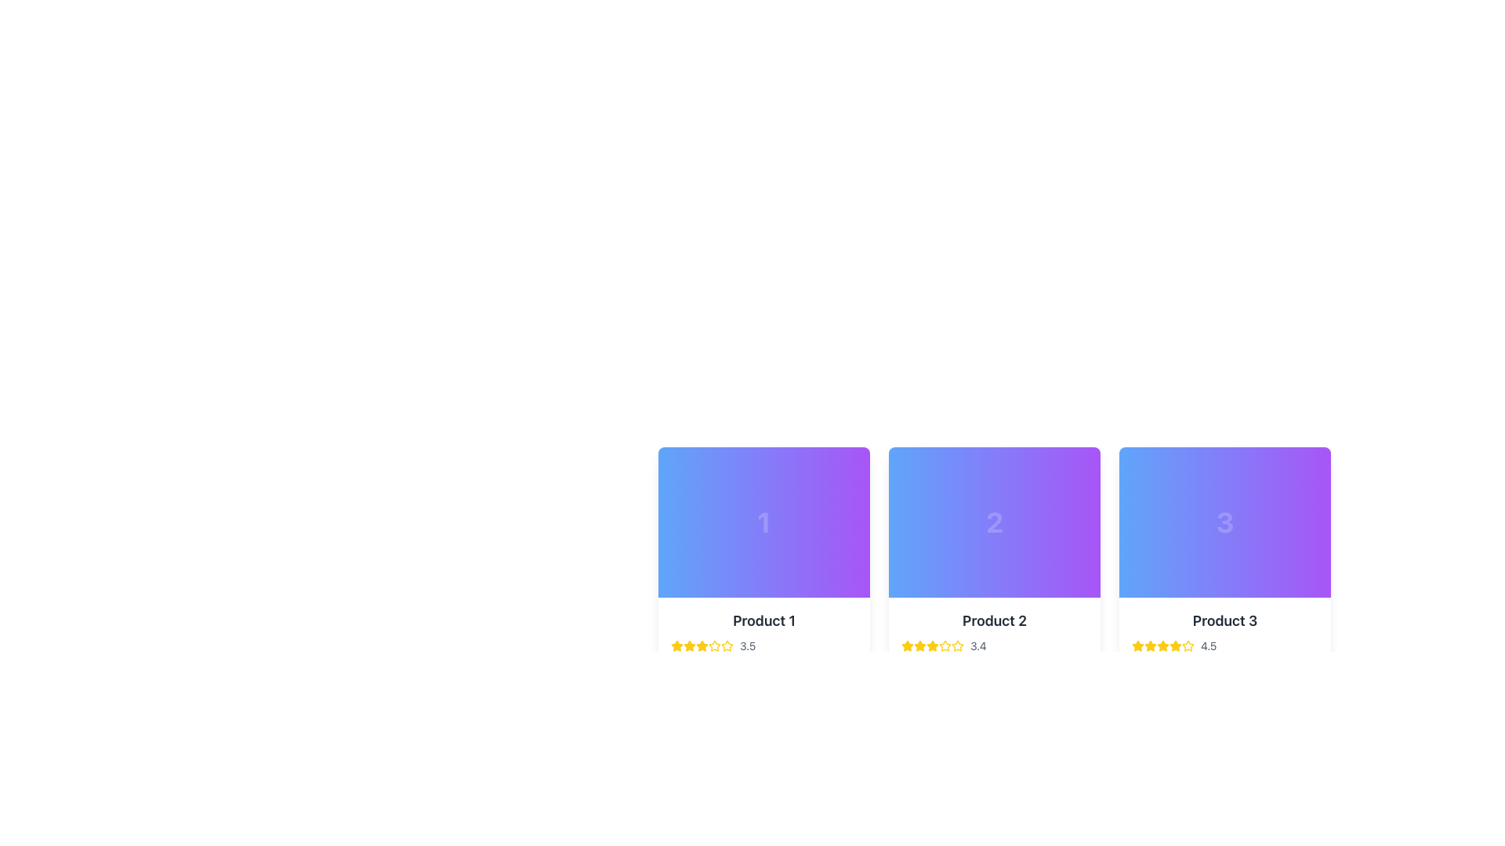  I want to click on average rating value of '3.5' from the star rating component displayed beneath the title 'Product 1' and above the price '$820', so click(763, 646).